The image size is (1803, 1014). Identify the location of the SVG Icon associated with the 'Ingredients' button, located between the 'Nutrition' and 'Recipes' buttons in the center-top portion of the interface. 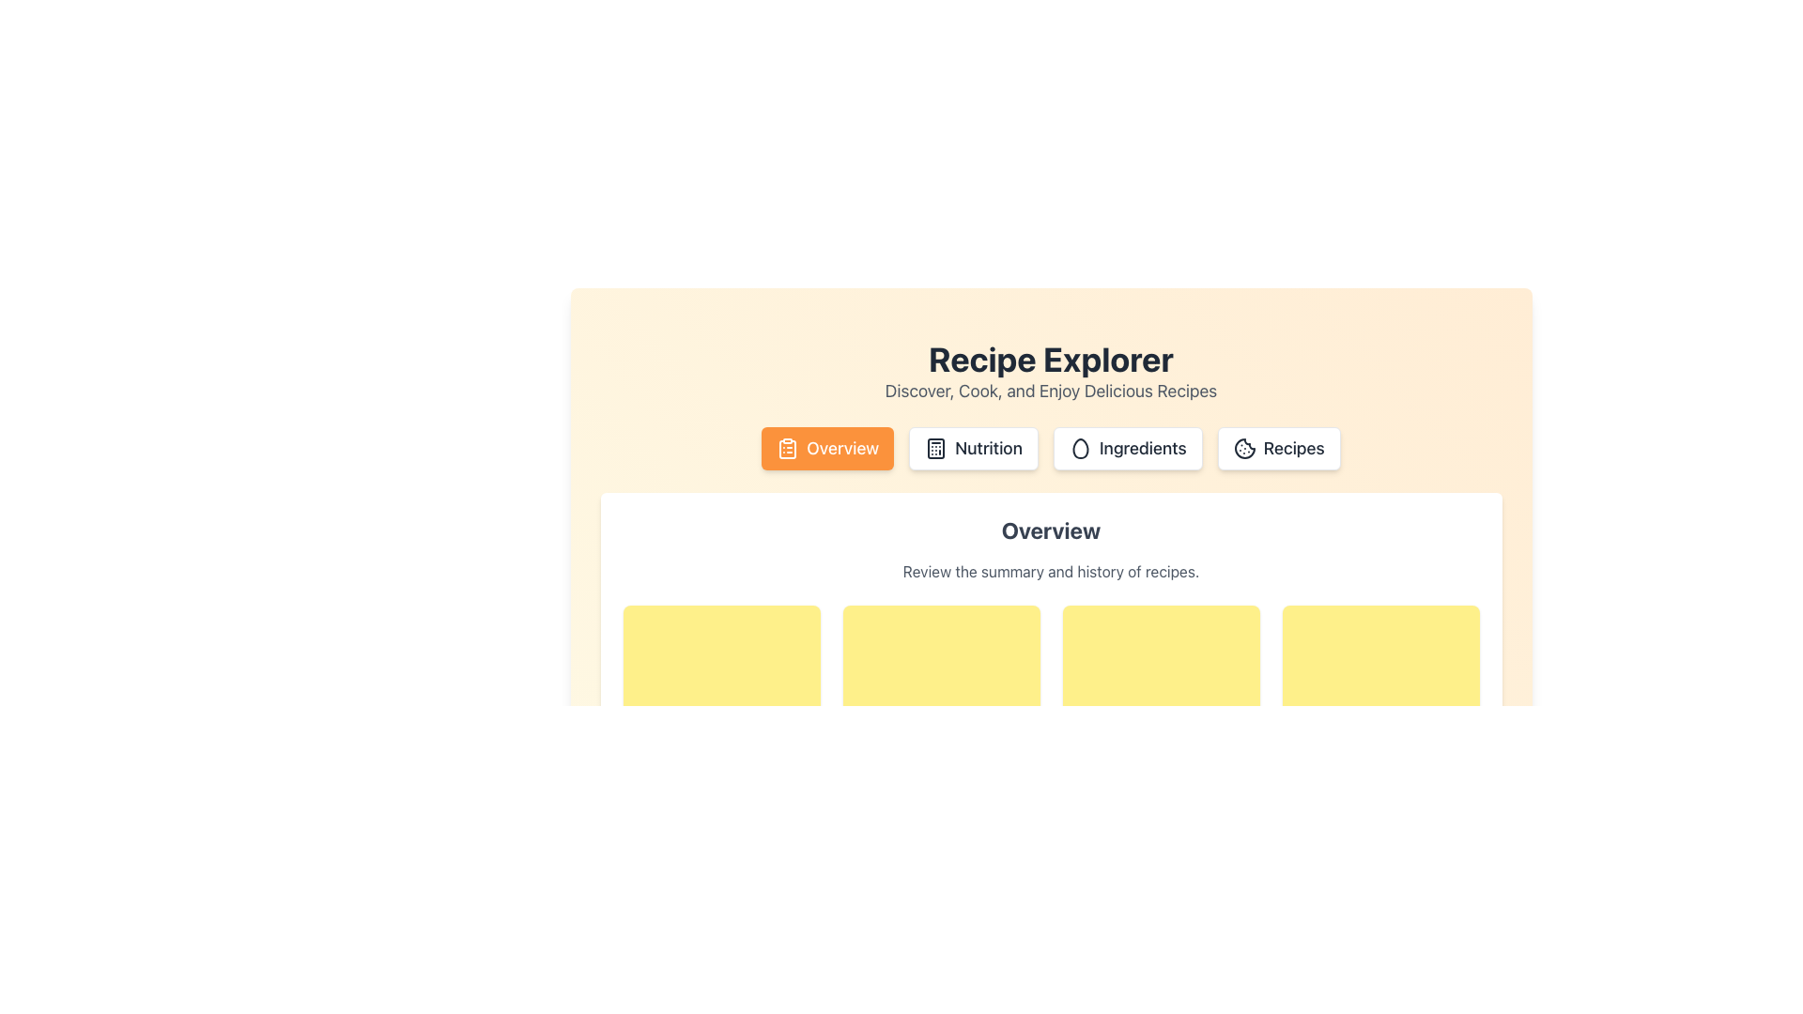
(1081, 449).